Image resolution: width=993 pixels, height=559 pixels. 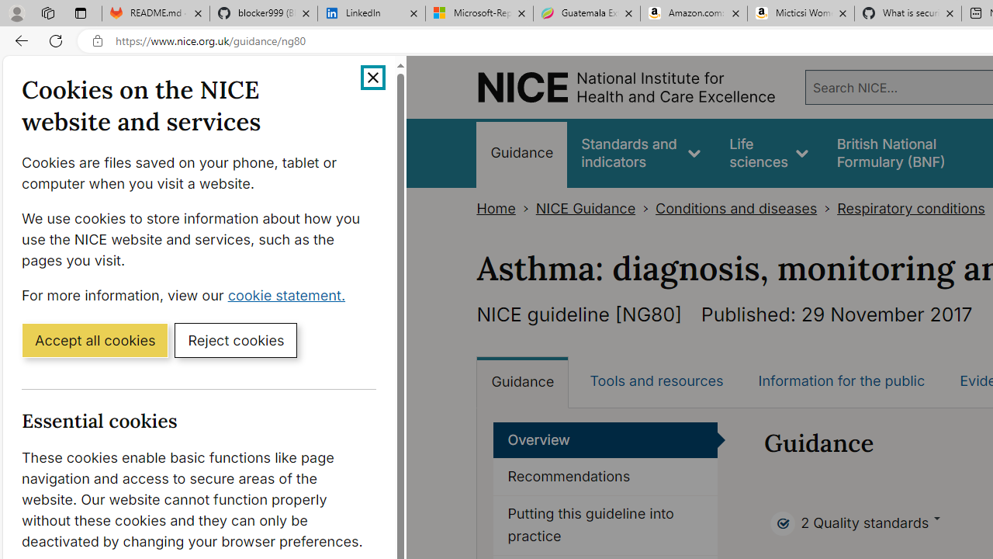 I want to click on 'Conditions and diseases>', so click(x=746, y=208).